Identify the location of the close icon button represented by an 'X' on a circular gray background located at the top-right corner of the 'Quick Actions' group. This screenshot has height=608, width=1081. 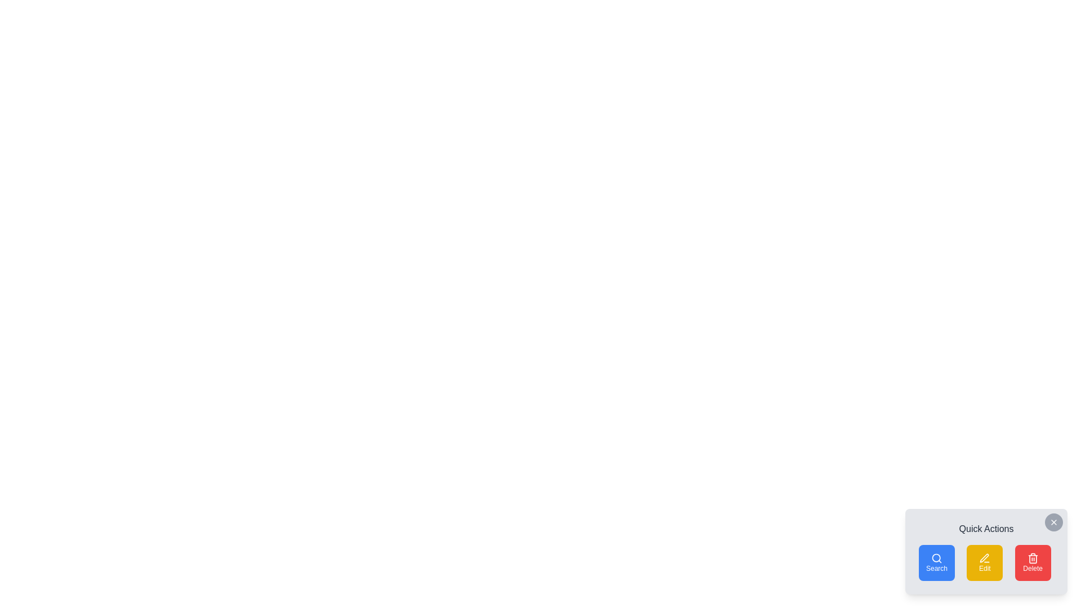
(1053, 522).